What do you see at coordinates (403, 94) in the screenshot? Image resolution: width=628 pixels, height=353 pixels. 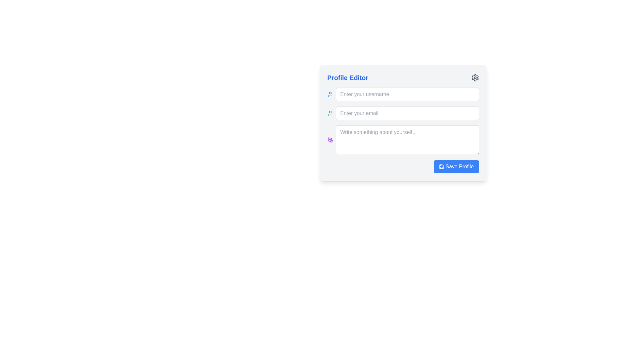 I see `the username input field, which is located at the top of the primary input section and serves as the first element in a vertical stack of input fields` at bounding box center [403, 94].